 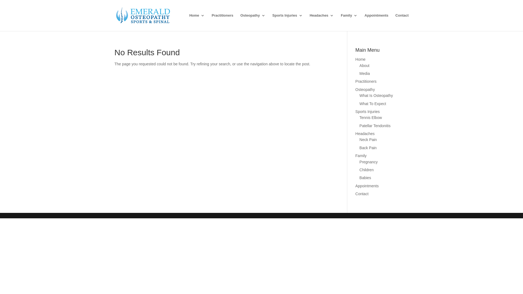 I want to click on 'What To Expect', so click(x=372, y=104).